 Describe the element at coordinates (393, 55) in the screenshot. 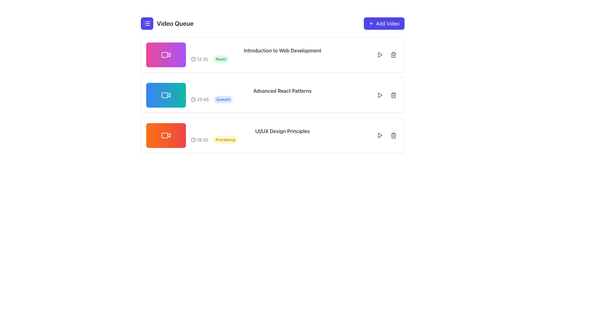

I see `the trash can icon button located at the top-right corner of the topmost video listing in the queue` at that location.